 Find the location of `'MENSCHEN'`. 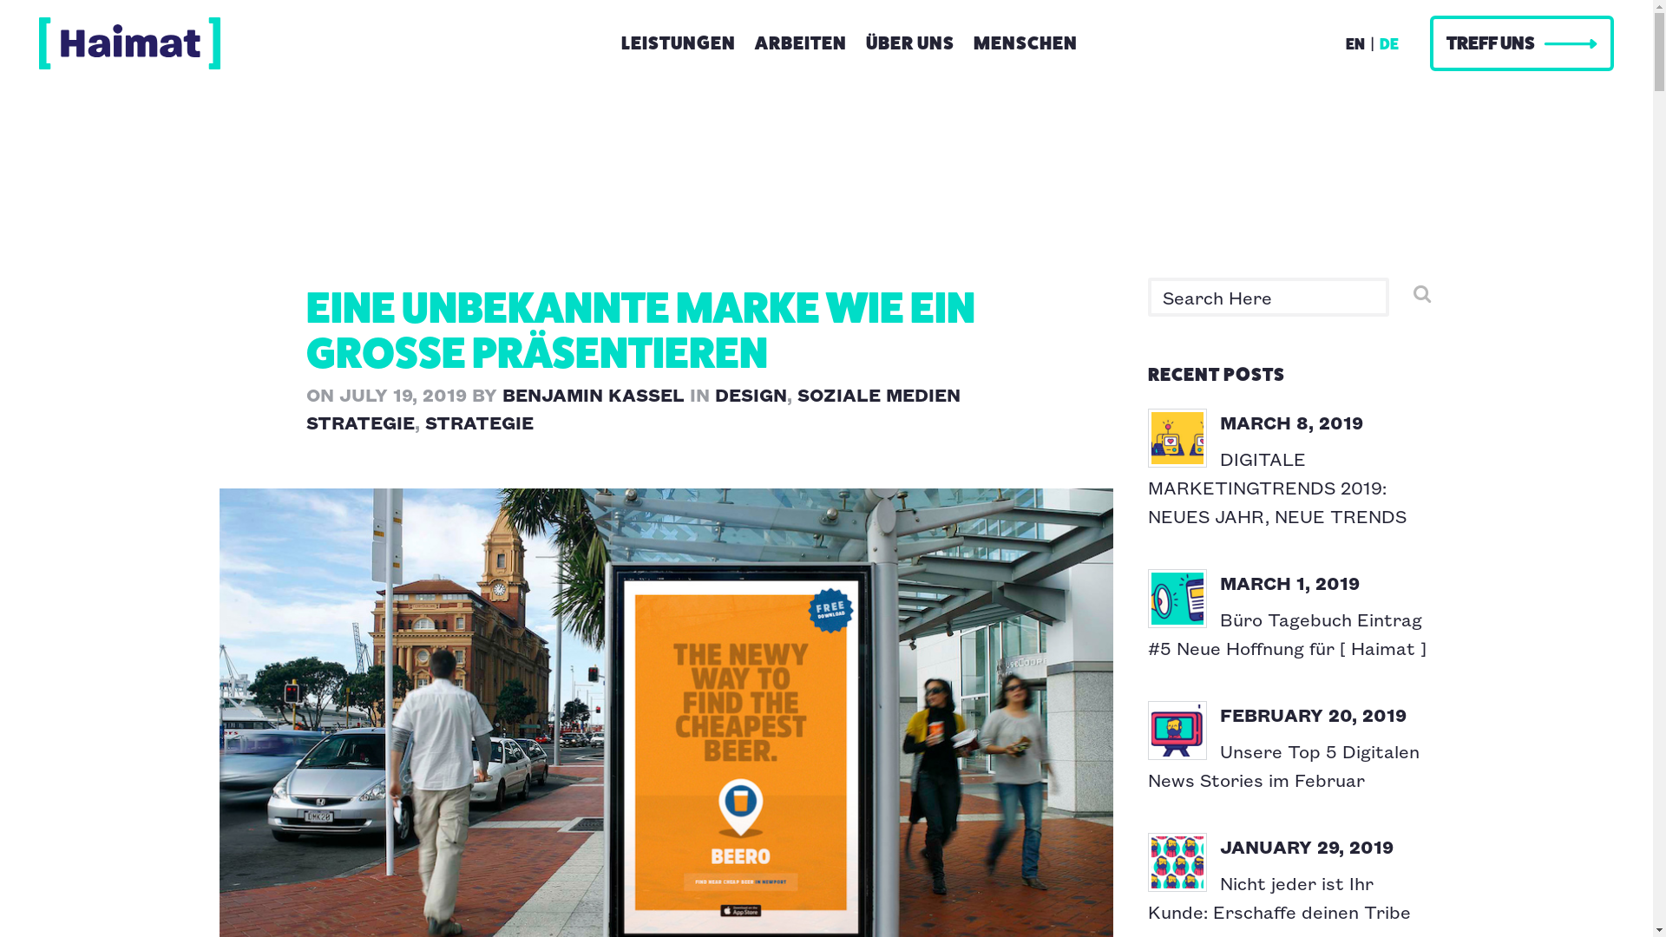

'MENSCHEN' is located at coordinates (1025, 29).